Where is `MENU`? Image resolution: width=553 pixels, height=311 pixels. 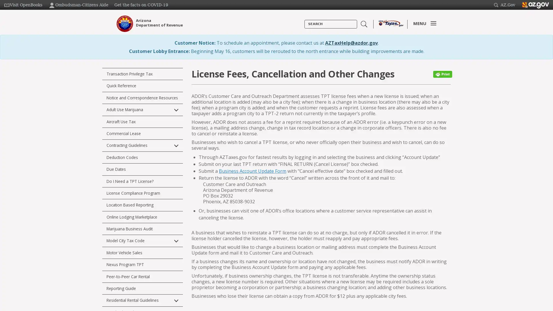 MENU is located at coordinates (423, 23).